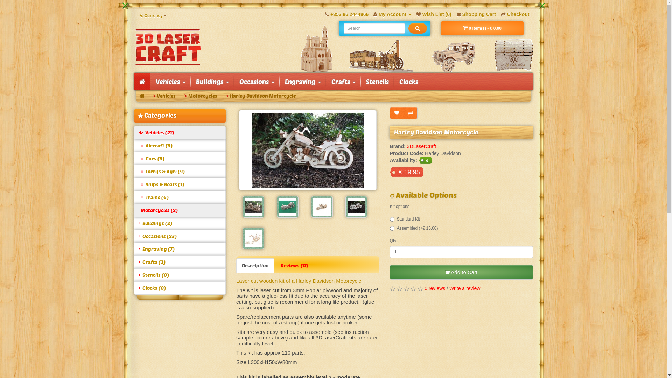 This screenshot has height=378, width=672. I want to click on '  Buildings (2)', so click(180, 223).